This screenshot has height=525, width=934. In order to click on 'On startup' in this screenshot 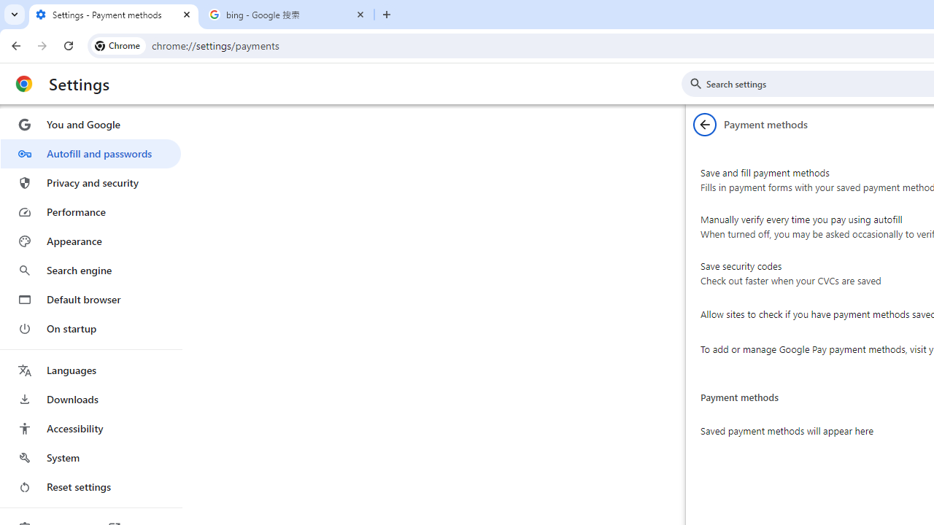, I will do `click(90, 329)`.